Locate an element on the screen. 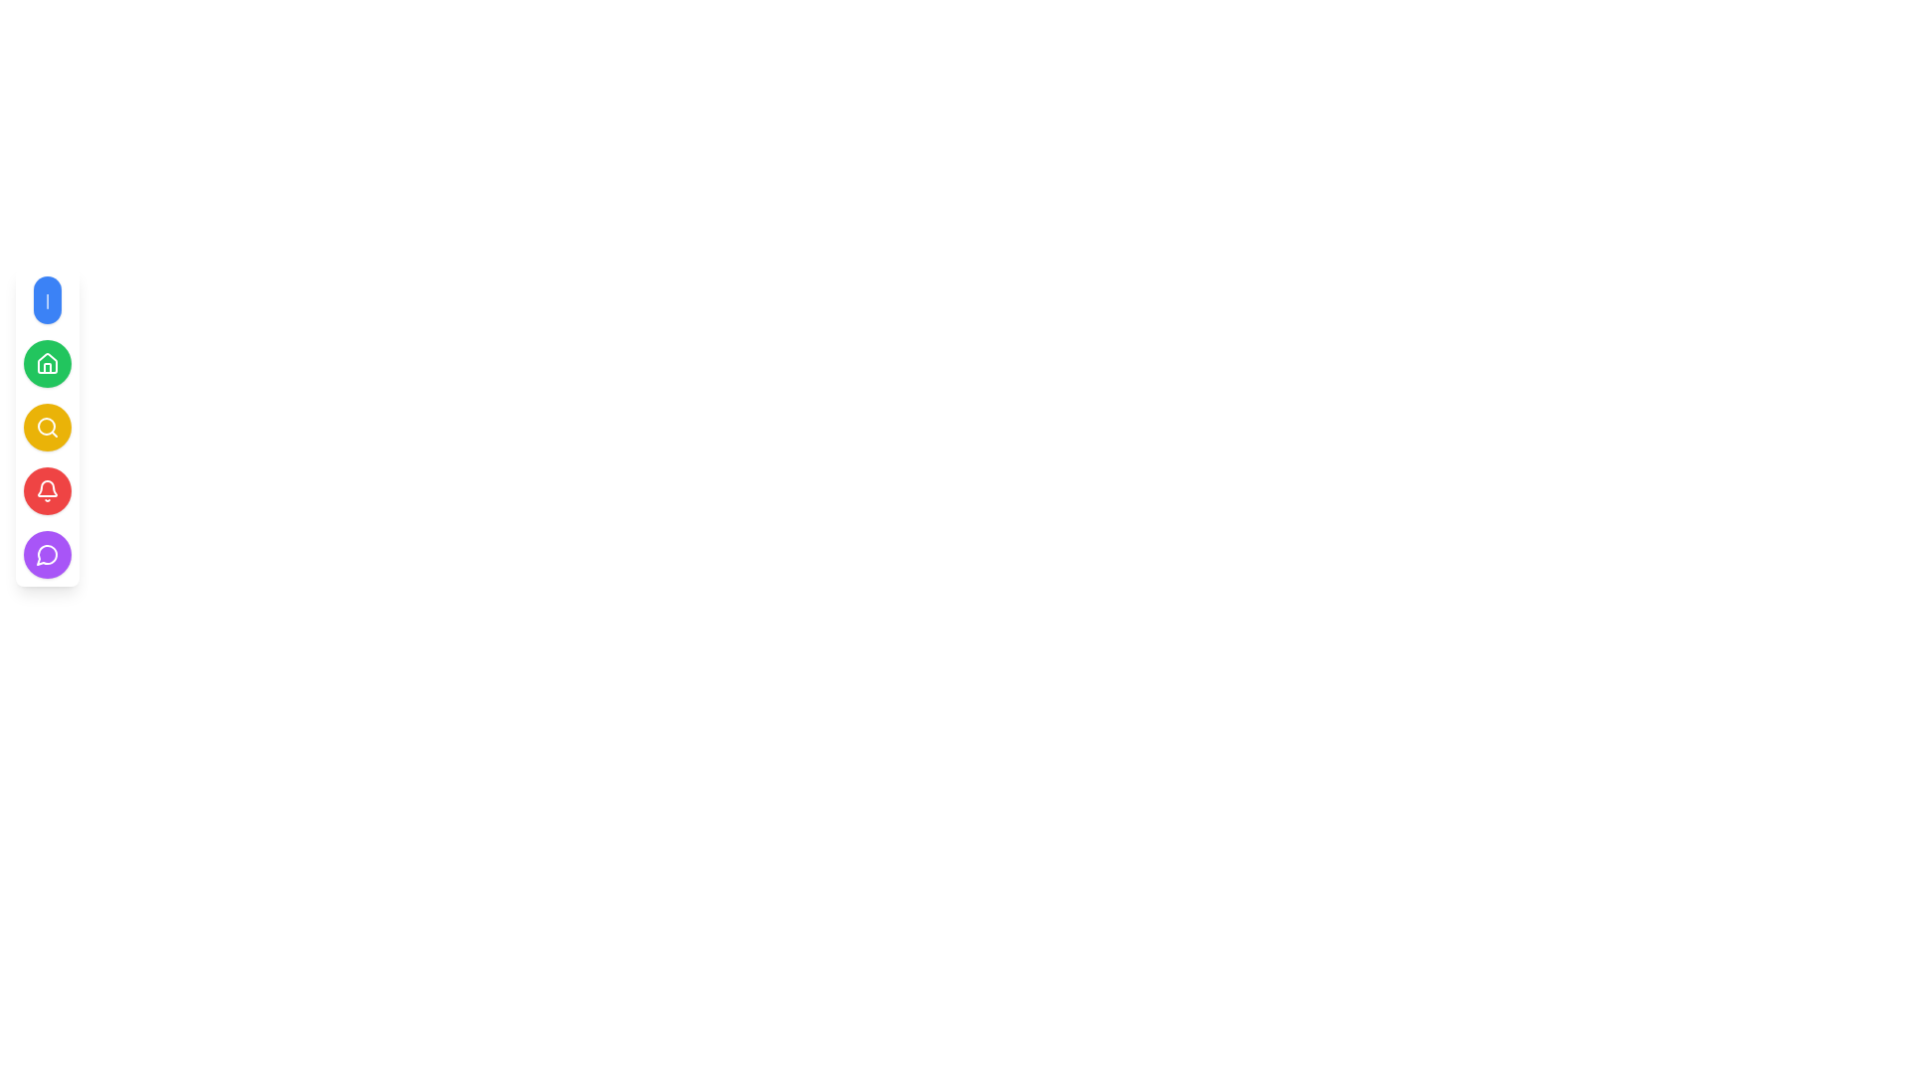 Image resolution: width=1909 pixels, height=1074 pixels. the notification button, which is the fourth button from the top in a vertical list of buttons (blue, green, yellow, red, purple) on the left side of the interface, to potentially reveal notification details is located at coordinates (48, 490).